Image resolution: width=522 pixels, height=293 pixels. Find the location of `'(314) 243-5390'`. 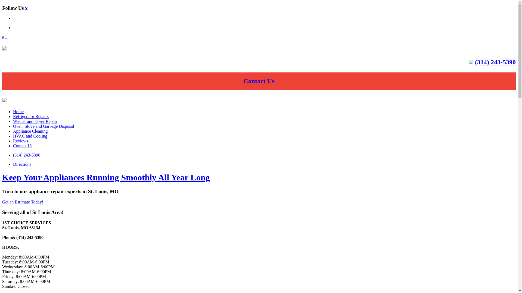

'(314) 243-5390' is located at coordinates (495, 62).